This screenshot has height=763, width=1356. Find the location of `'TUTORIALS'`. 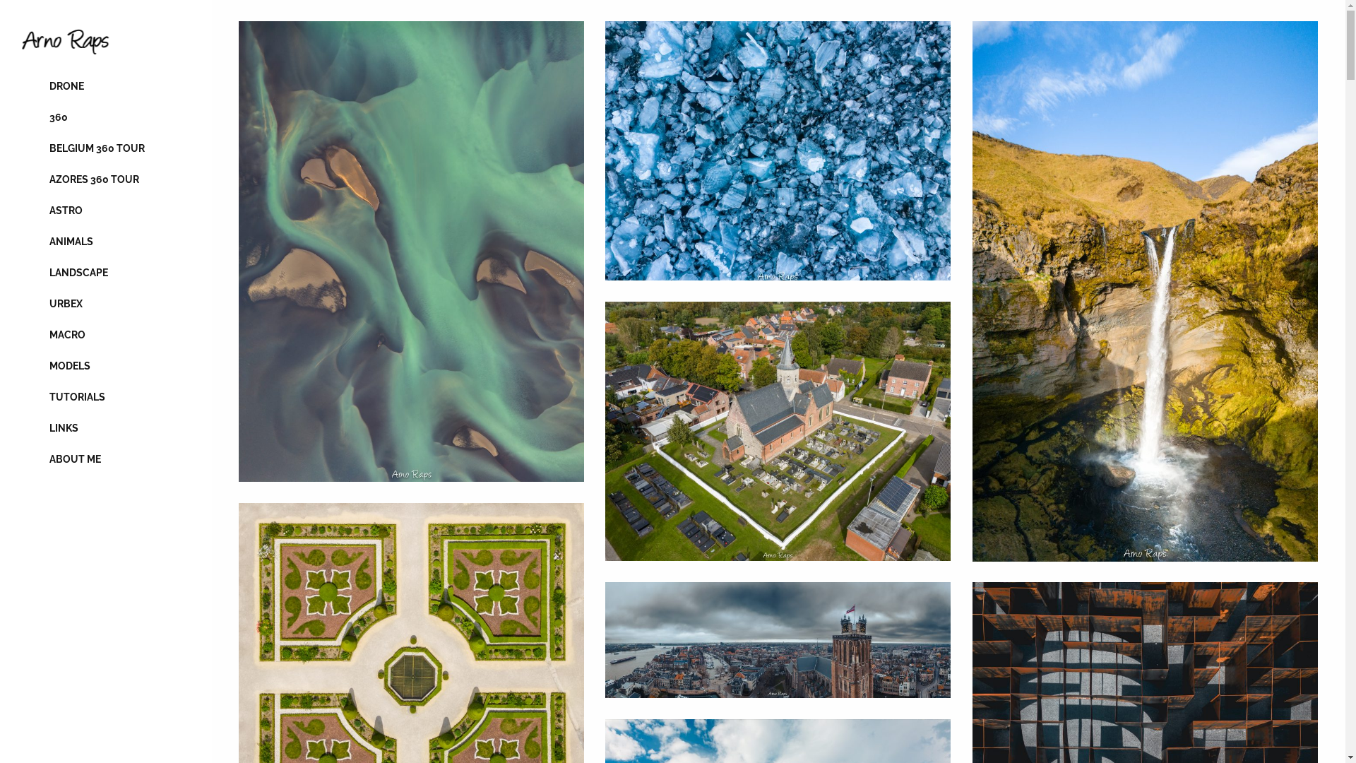

'TUTORIALS' is located at coordinates (105, 397).